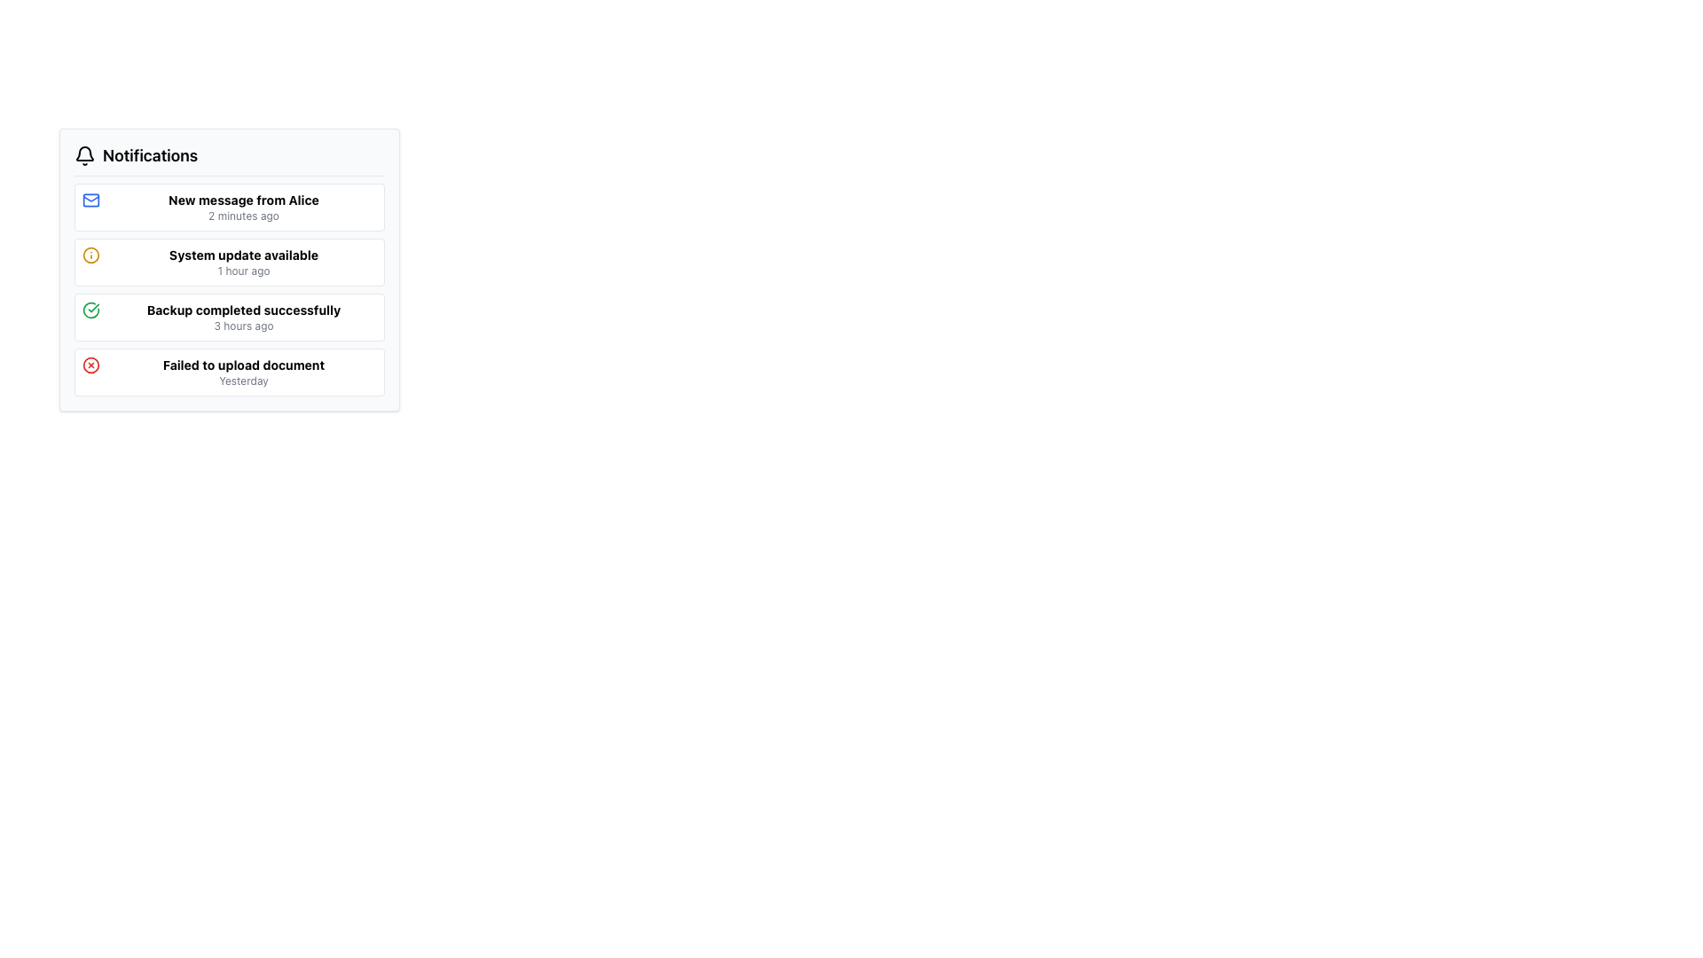 The height and width of the screenshot is (958, 1703). What do you see at coordinates (242, 215) in the screenshot?
I see `the text label that reads '2 minutes ago', which is styled in gray and located below the notification title 'New message from Alice' within a notification card` at bounding box center [242, 215].